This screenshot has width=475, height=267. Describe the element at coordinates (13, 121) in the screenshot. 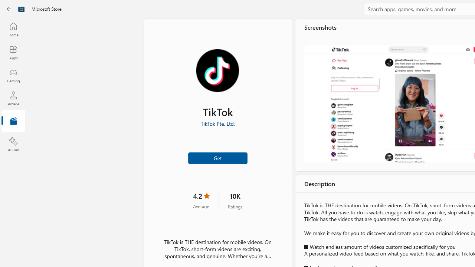

I see `'Entertainment'` at that location.